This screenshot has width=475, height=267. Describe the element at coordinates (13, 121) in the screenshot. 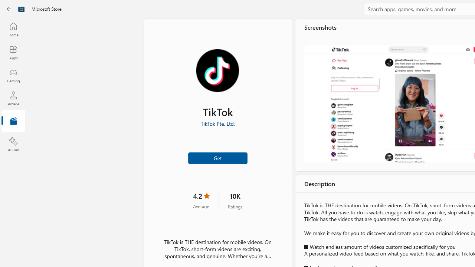

I see `'Entertainment'` at that location.